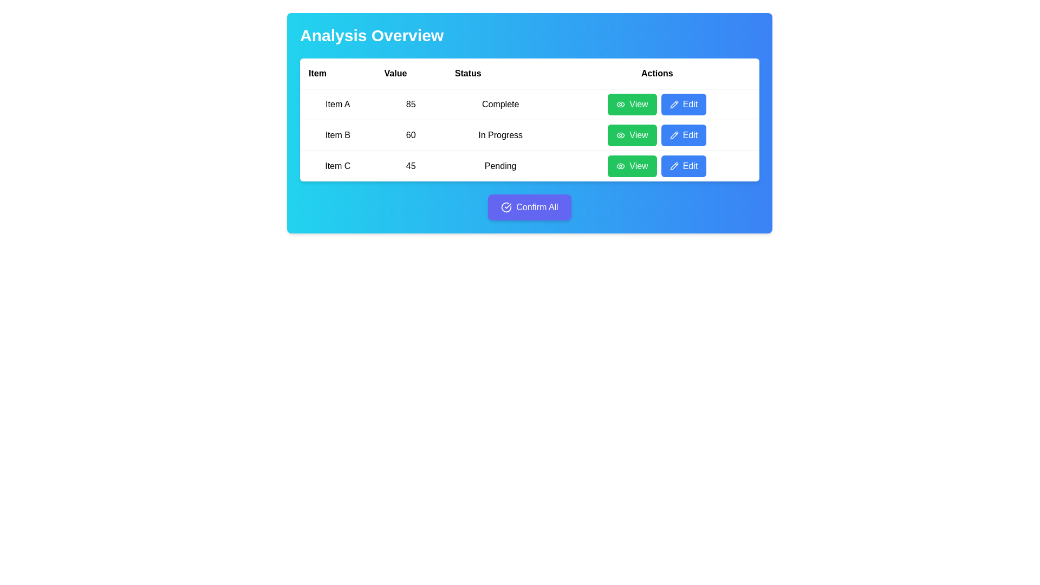 The image size is (1040, 585). I want to click on the table row containing 'Item B' in the second row to focus on it, so click(530, 134).